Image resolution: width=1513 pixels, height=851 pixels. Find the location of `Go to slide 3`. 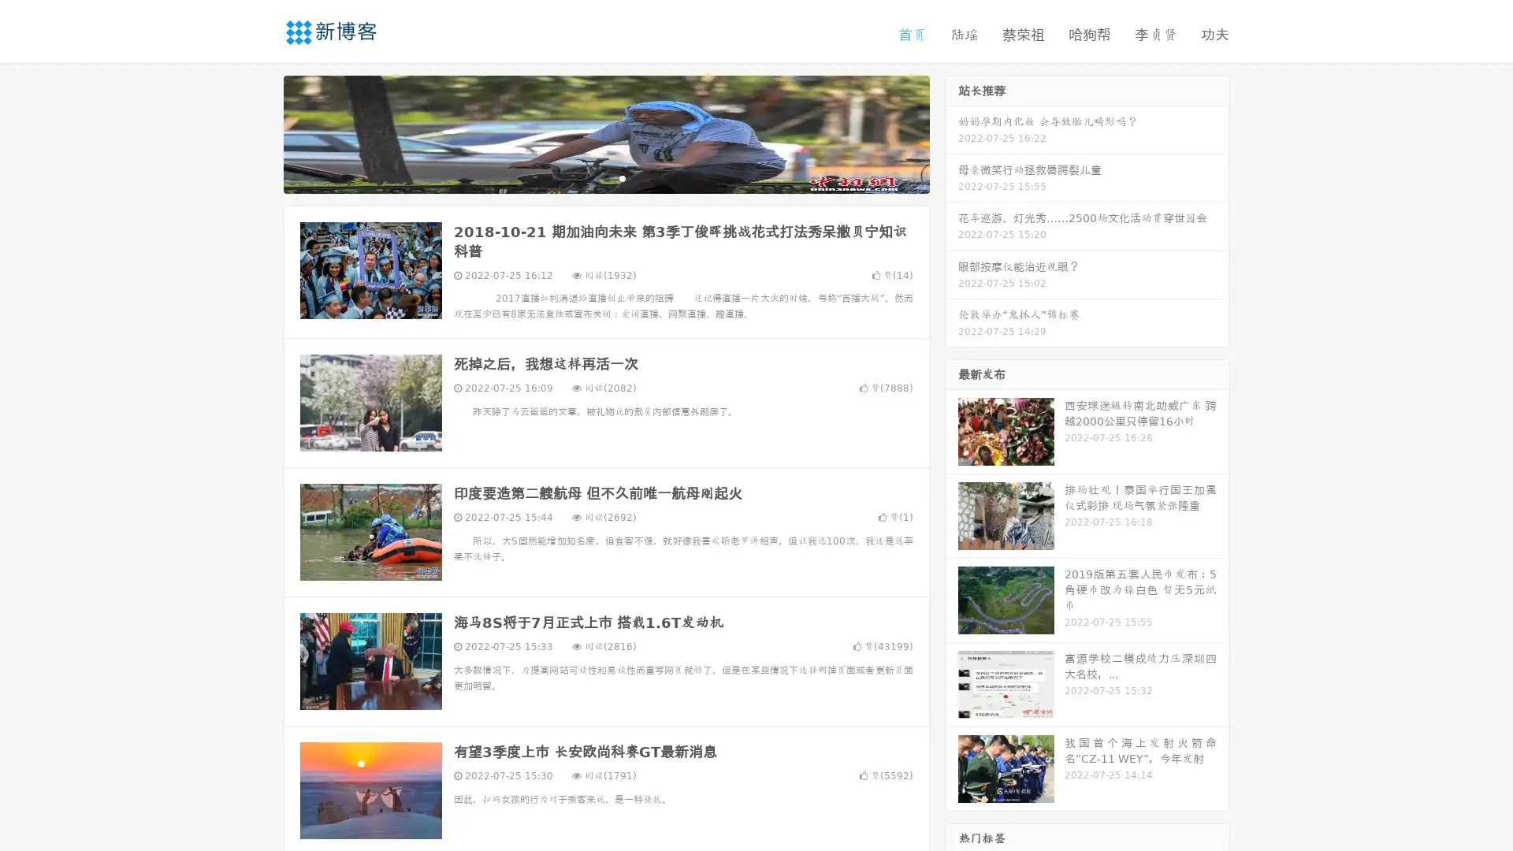

Go to slide 3 is located at coordinates (622, 177).